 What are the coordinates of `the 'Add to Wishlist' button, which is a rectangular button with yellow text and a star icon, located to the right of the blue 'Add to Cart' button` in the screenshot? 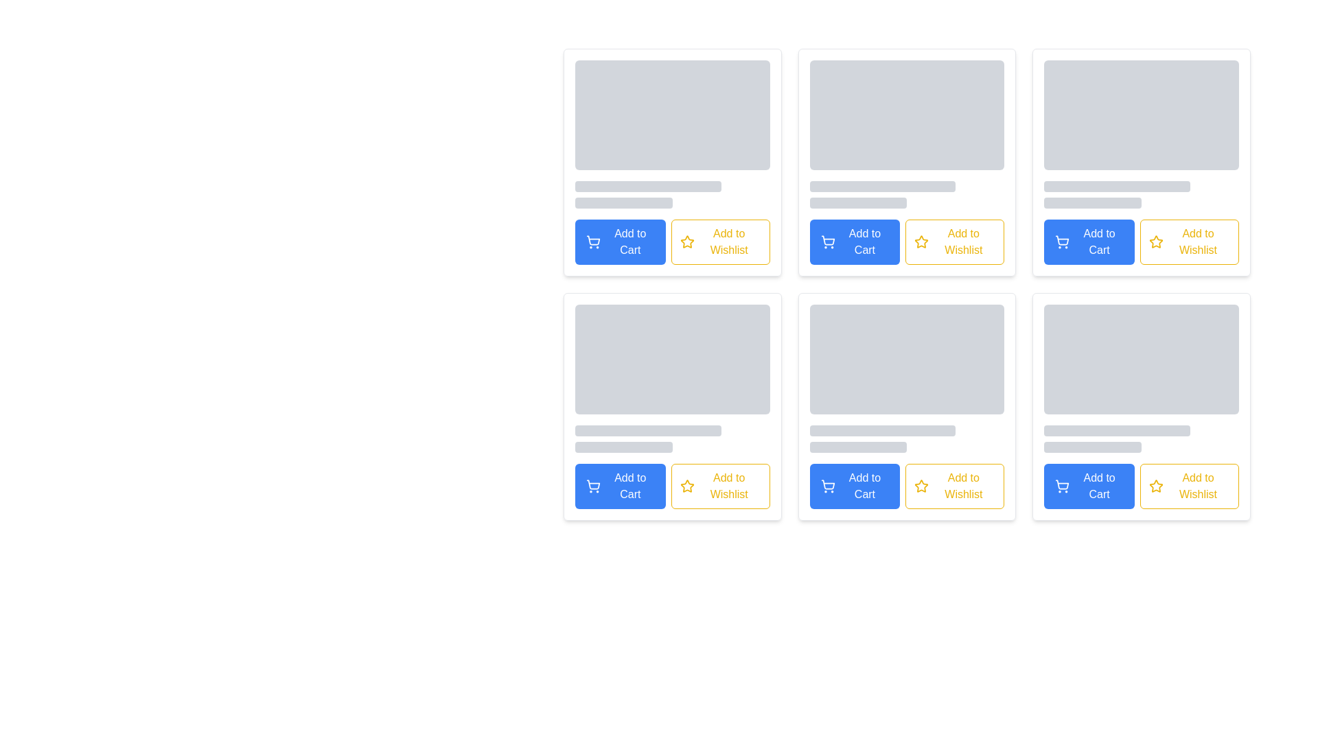 It's located at (1188, 242).